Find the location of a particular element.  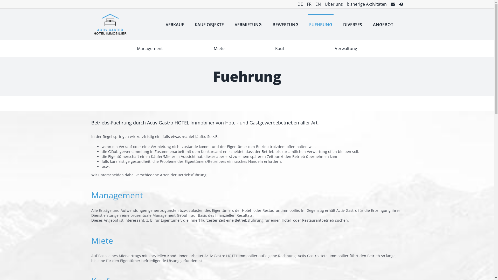

'EN' is located at coordinates (316, 4).